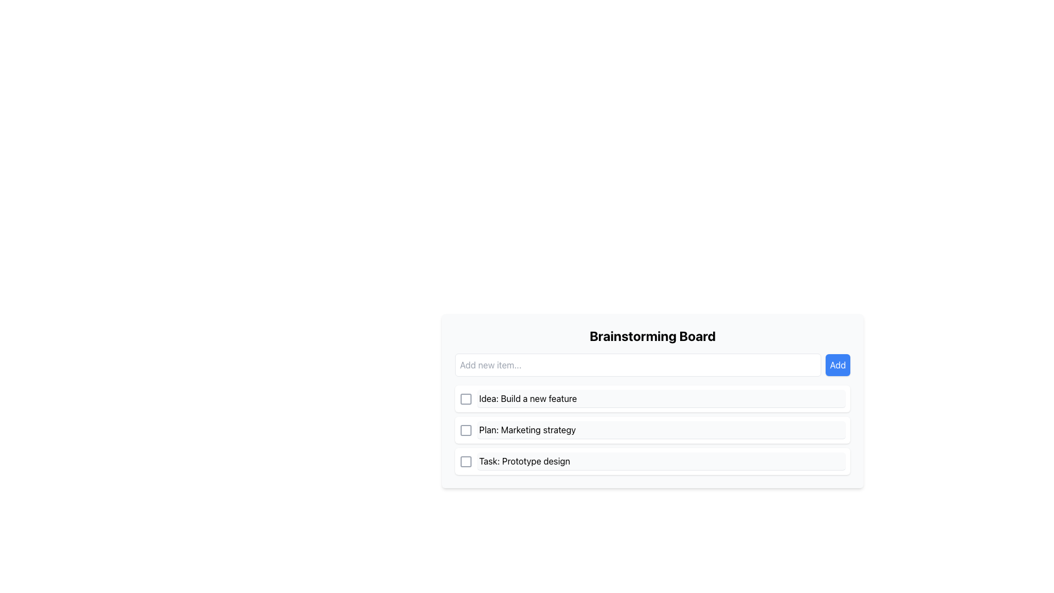  What do you see at coordinates (466, 461) in the screenshot?
I see `the gray square icon that serves as a visual marker for the 'Task: Prototype design' task item, located near the bottom of the brainstorming board` at bounding box center [466, 461].